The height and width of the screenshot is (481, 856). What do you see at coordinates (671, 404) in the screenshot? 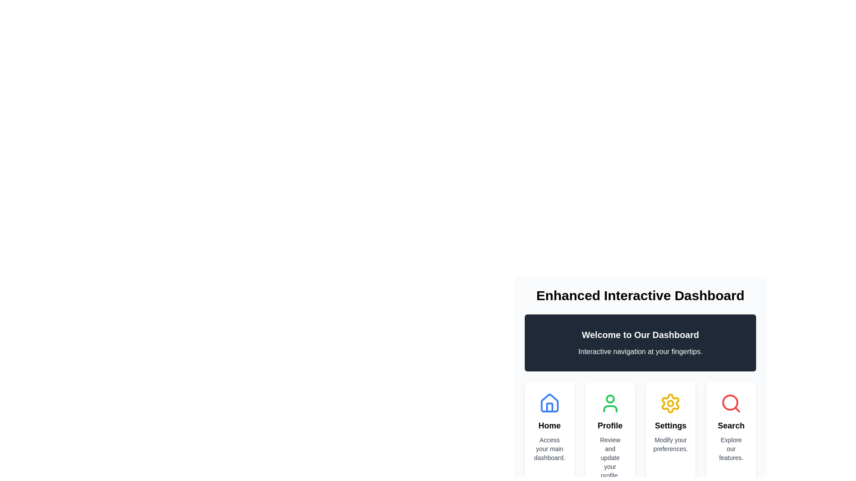
I see `the 'Settings' icon located centrally within a row of cards` at bounding box center [671, 404].